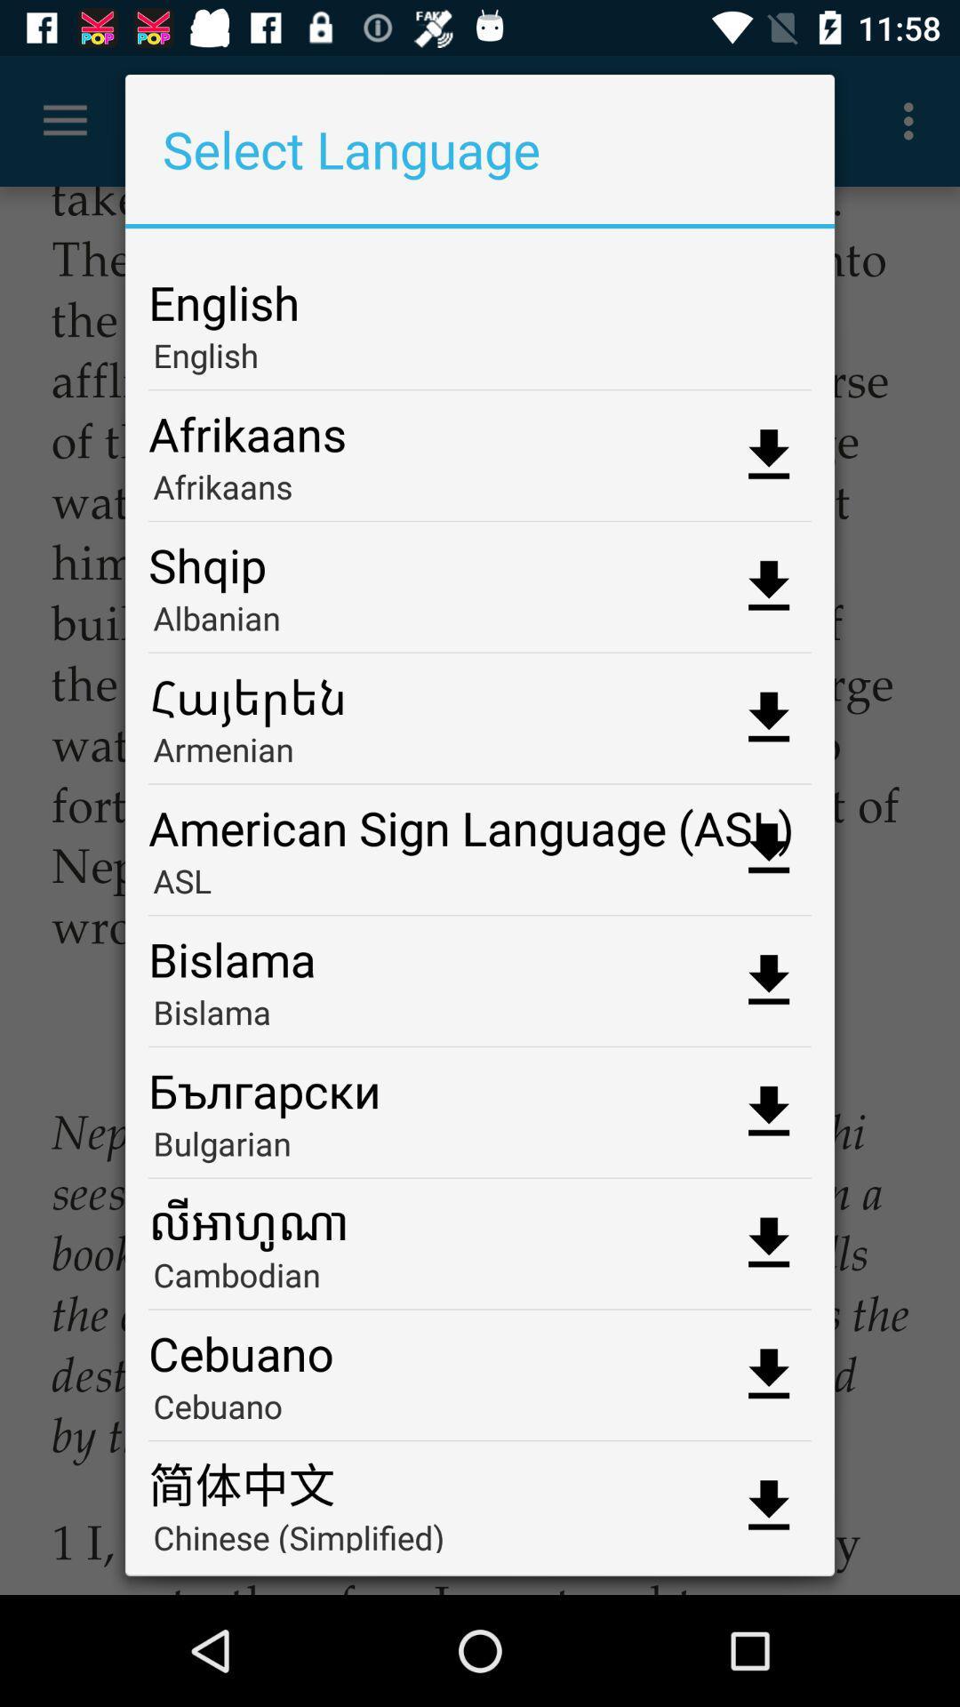 This screenshot has height=1707, width=960. I want to click on app below armenian app, so click(480, 821).